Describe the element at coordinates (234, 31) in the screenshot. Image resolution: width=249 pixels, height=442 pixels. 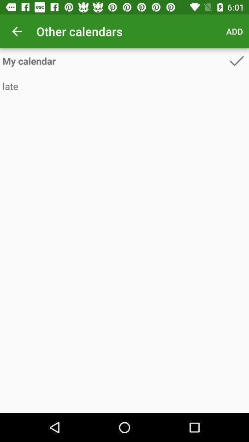
I see `app next to other calendars icon` at that location.